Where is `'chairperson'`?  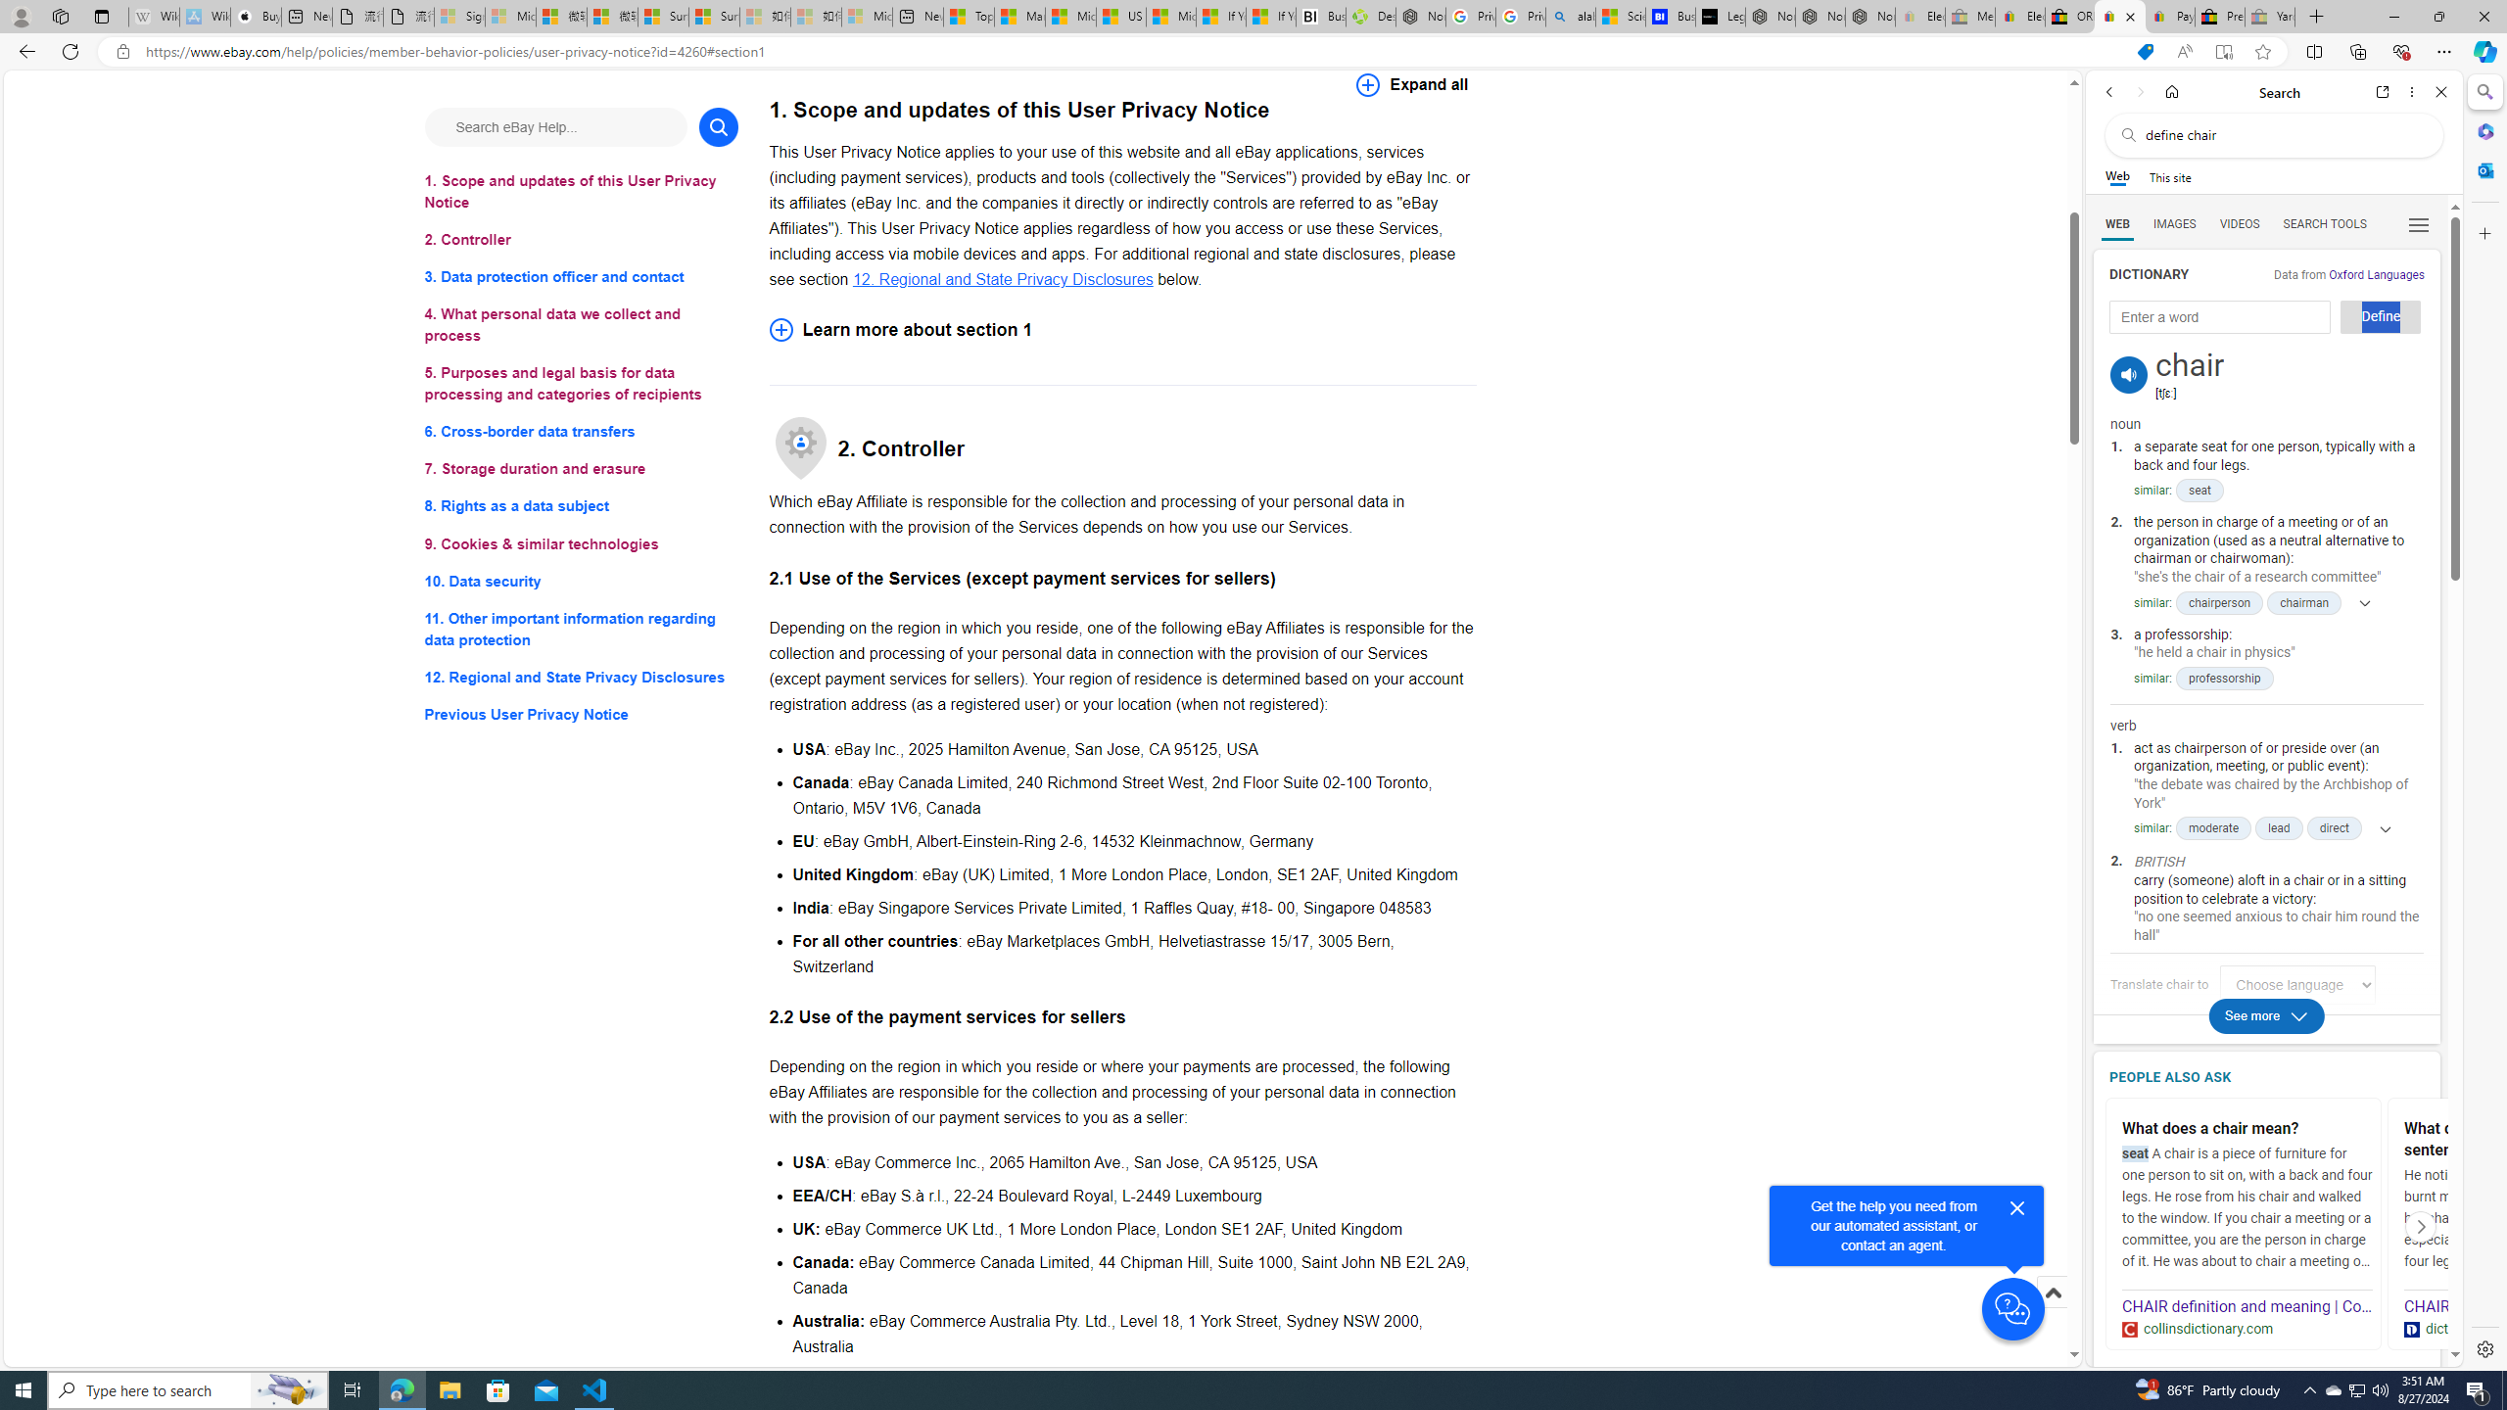
'chairperson' is located at coordinates (2219, 601).